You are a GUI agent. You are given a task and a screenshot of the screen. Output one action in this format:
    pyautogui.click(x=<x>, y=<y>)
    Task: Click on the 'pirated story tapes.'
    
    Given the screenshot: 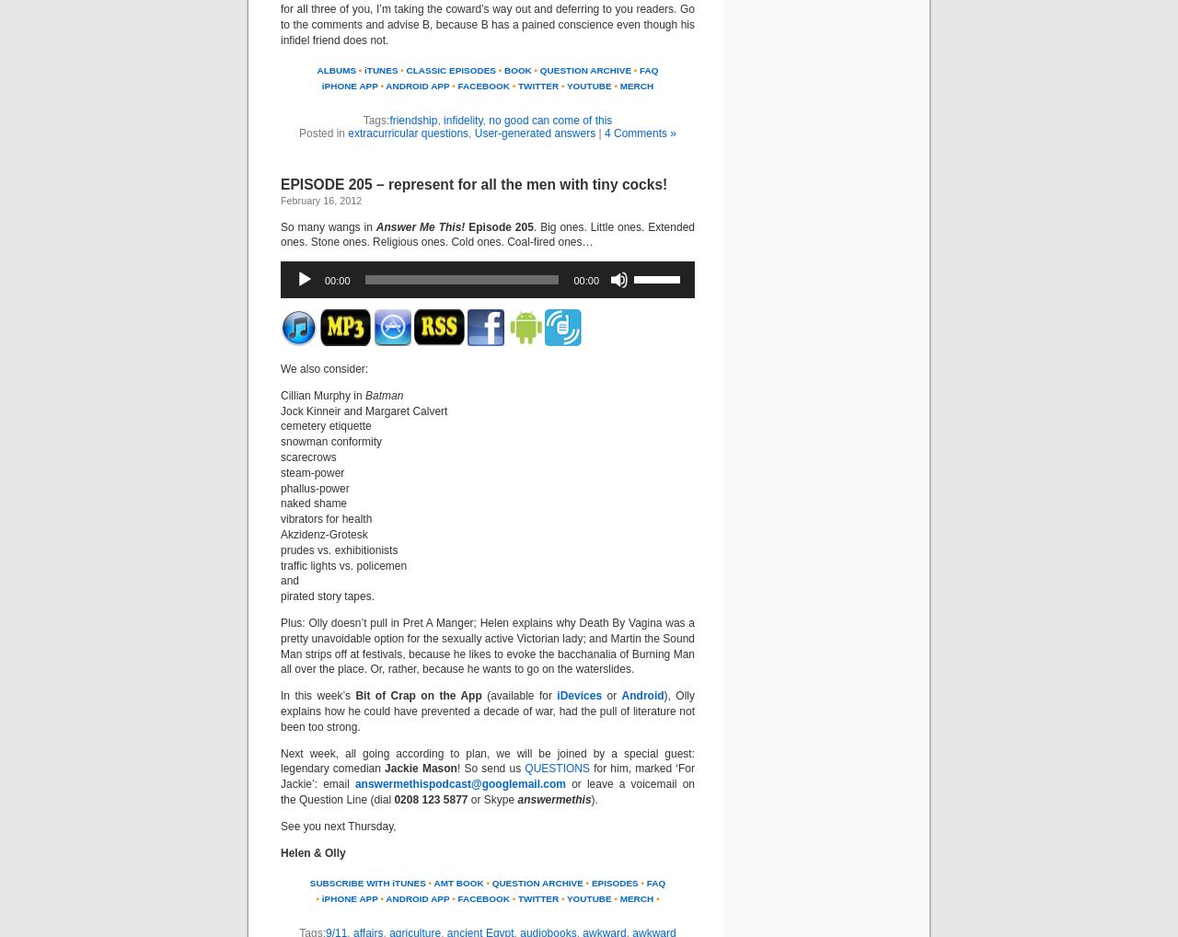 What is the action you would take?
    pyautogui.click(x=327, y=595)
    